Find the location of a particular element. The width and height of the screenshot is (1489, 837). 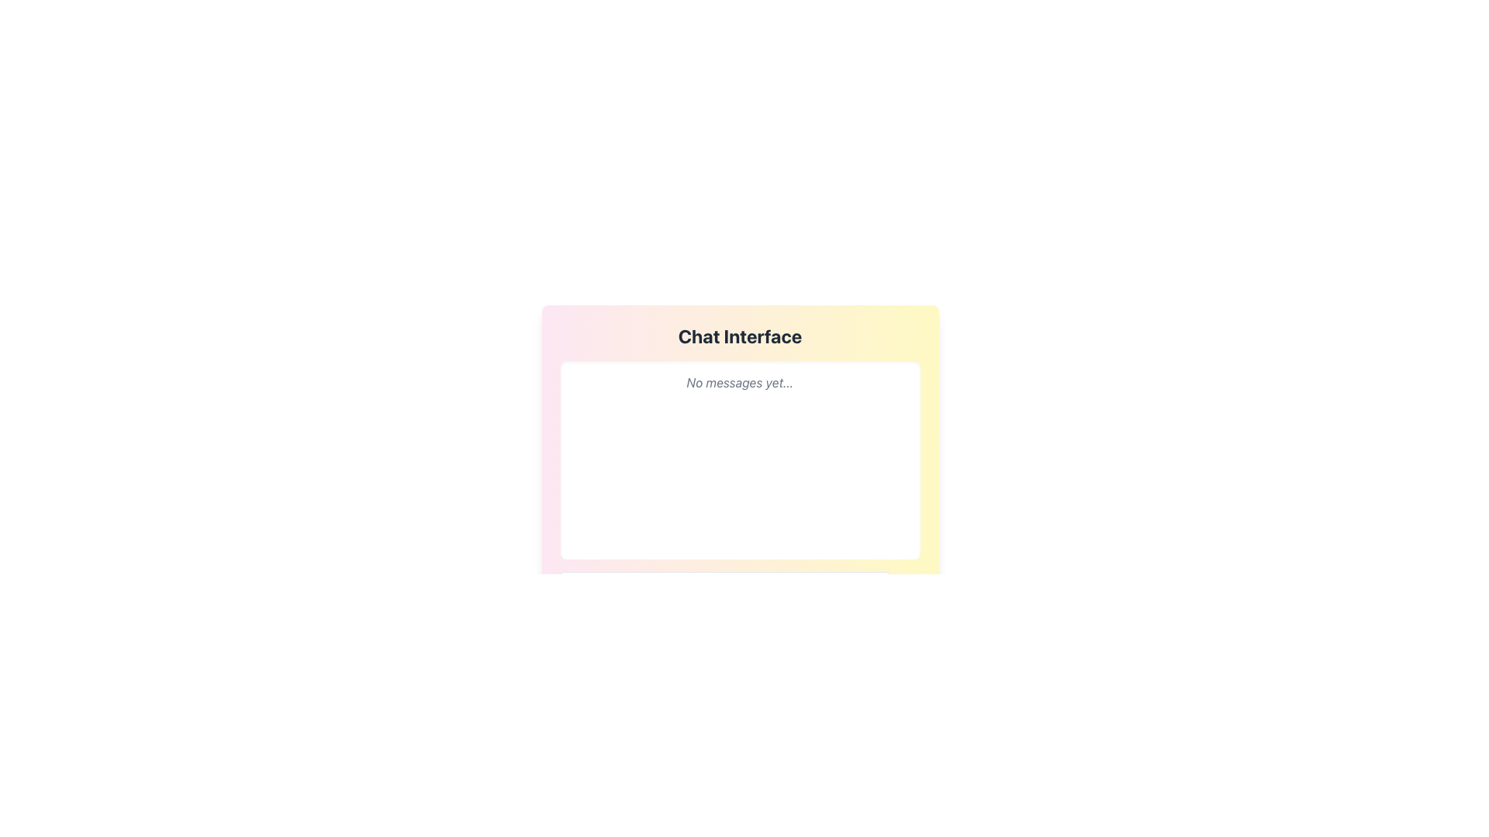

the informational text indicating that there are no messages in the chat area, which is centered near the top of a white message panel is located at coordinates (739, 382).